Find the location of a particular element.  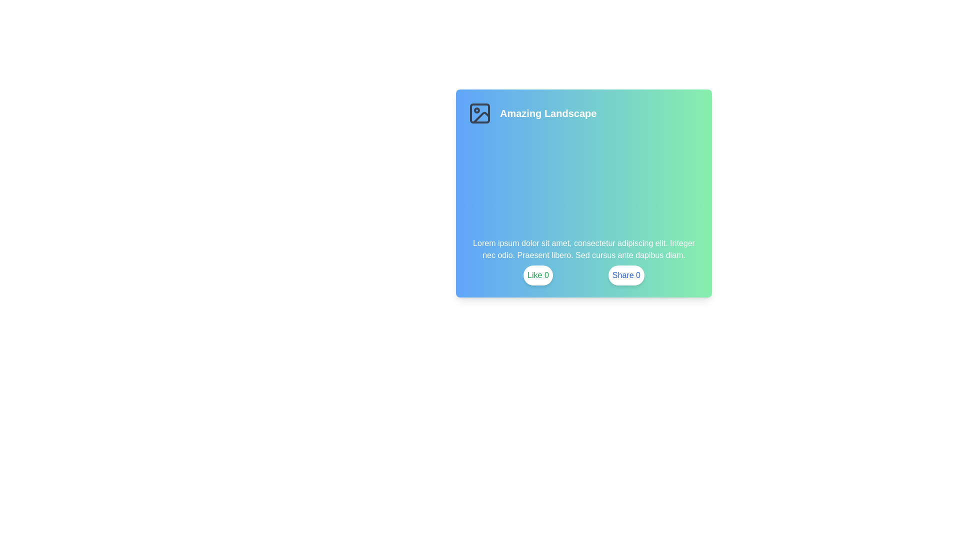

the Text Label that serves as the title or header for the card component, located in the central-right region of the interface is located at coordinates (547, 113).